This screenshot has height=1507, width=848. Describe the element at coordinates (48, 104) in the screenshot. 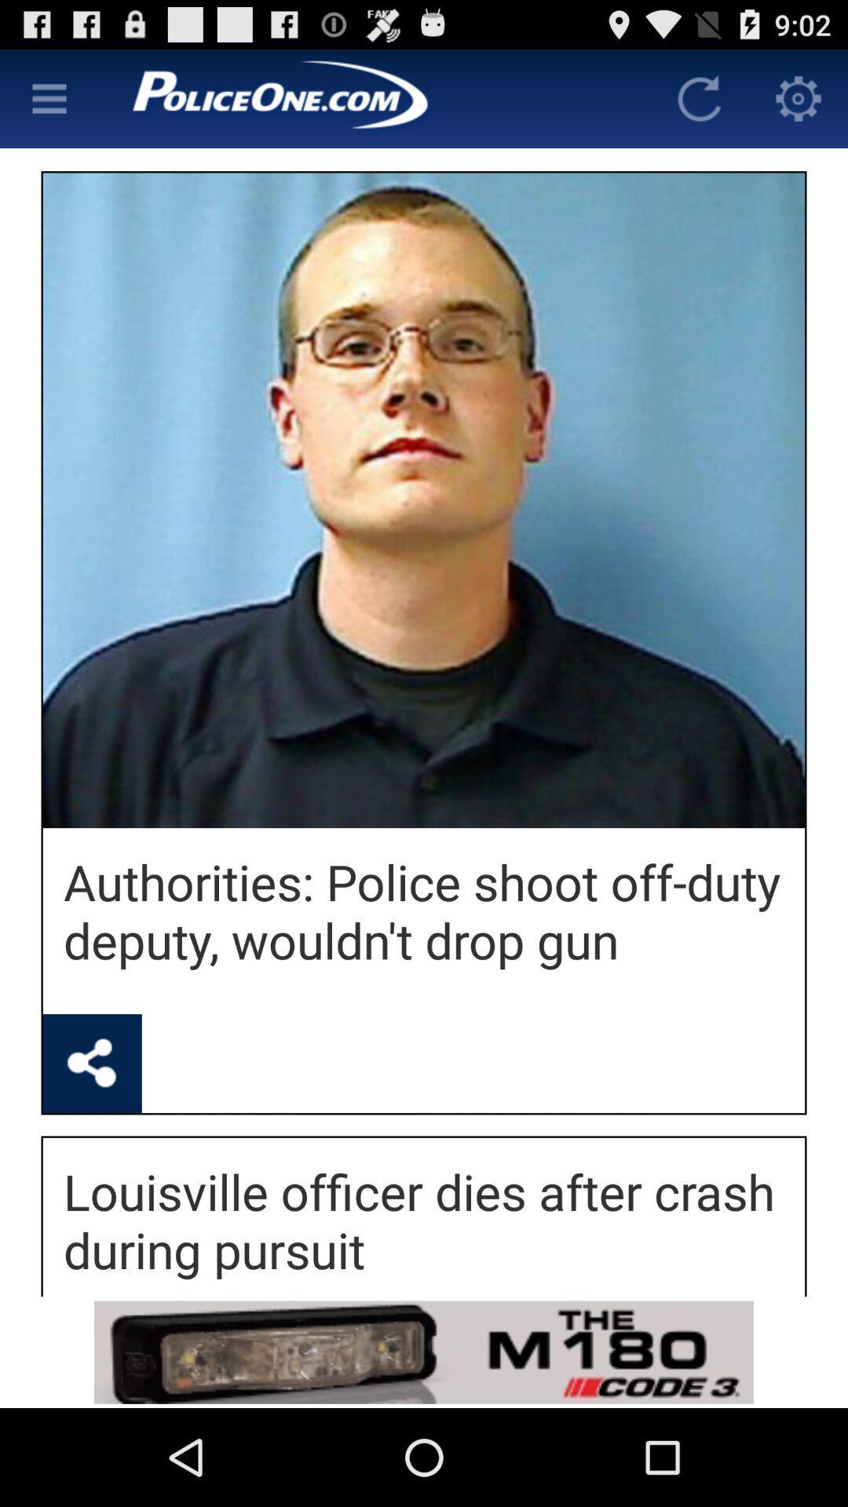

I see `the menu icon` at that location.